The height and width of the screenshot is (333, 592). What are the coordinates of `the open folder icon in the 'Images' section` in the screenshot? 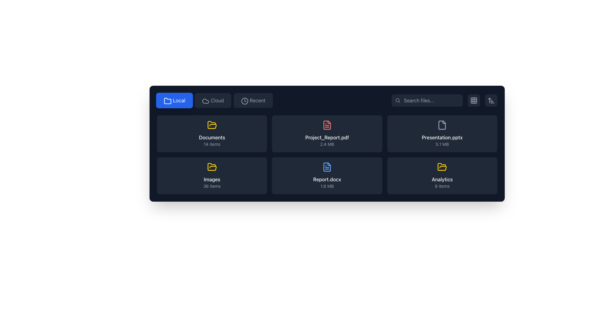 It's located at (212, 125).